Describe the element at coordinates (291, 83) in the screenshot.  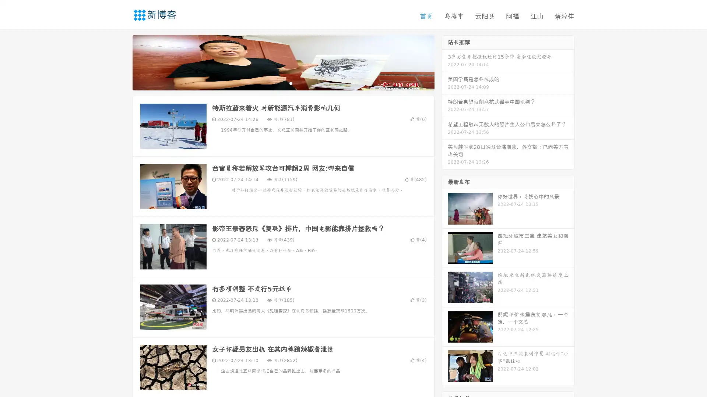
I see `Go to slide 3` at that location.